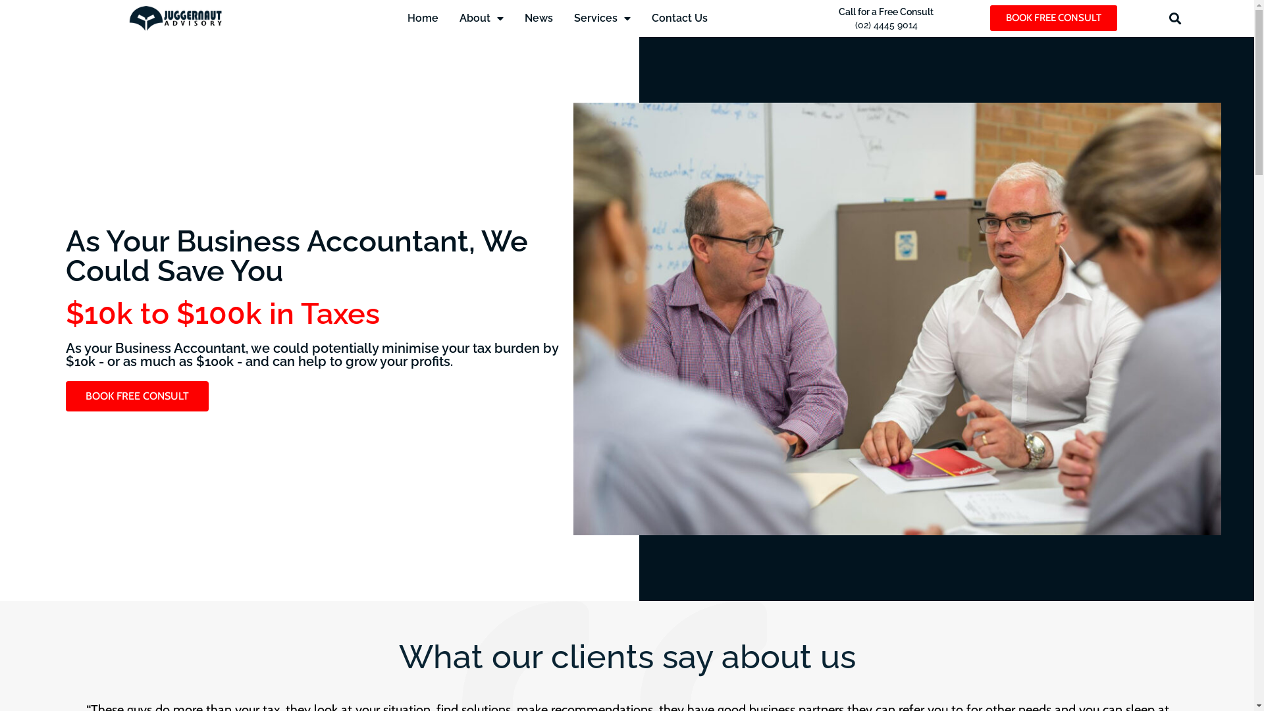 This screenshot has height=711, width=1264. What do you see at coordinates (423, 18) in the screenshot?
I see `'Home'` at bounding box center [423, 18].